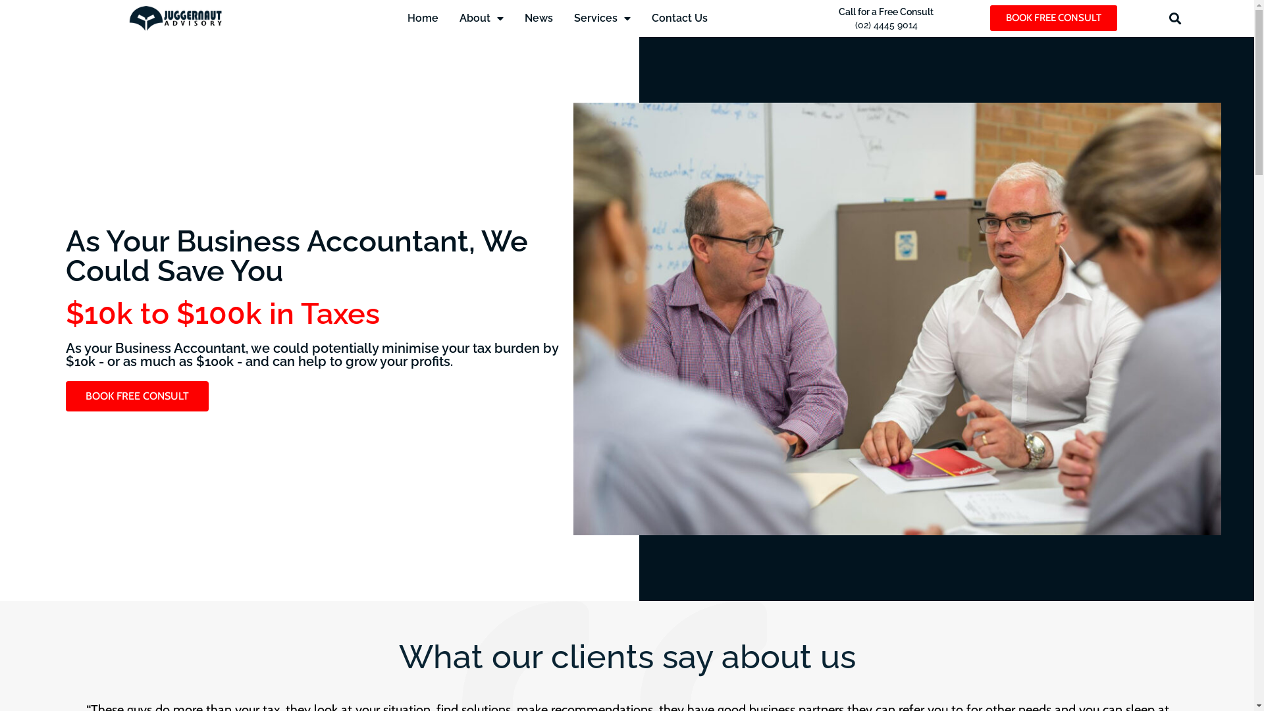 This screenshot has height=711, width=1264. What do you see at coordinates (423, 18) in the screenshot?
I see `'Home'` at bounding box center [423, 18].